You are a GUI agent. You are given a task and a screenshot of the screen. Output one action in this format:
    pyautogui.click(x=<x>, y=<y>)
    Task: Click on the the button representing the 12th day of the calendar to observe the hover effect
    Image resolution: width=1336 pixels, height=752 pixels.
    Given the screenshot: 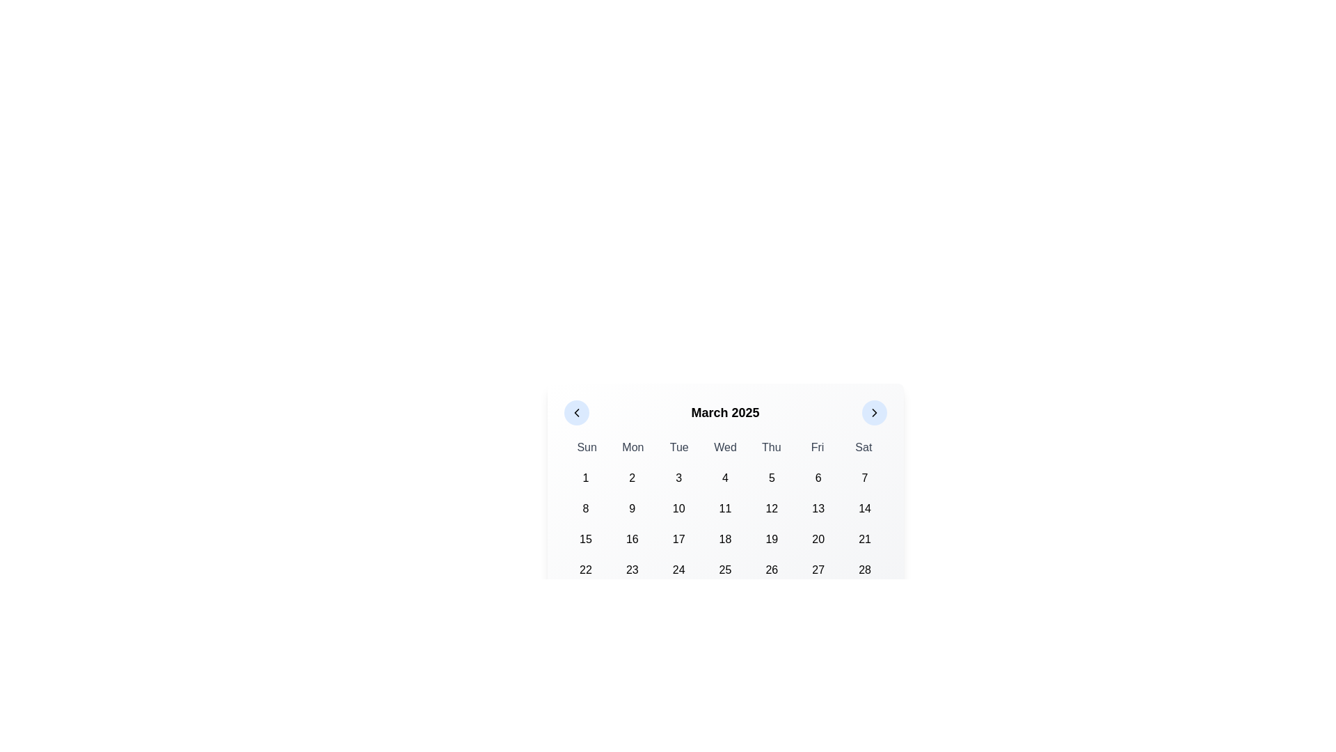 What is the action you would take?
    pyautogui.click(x=771, y=509)
    